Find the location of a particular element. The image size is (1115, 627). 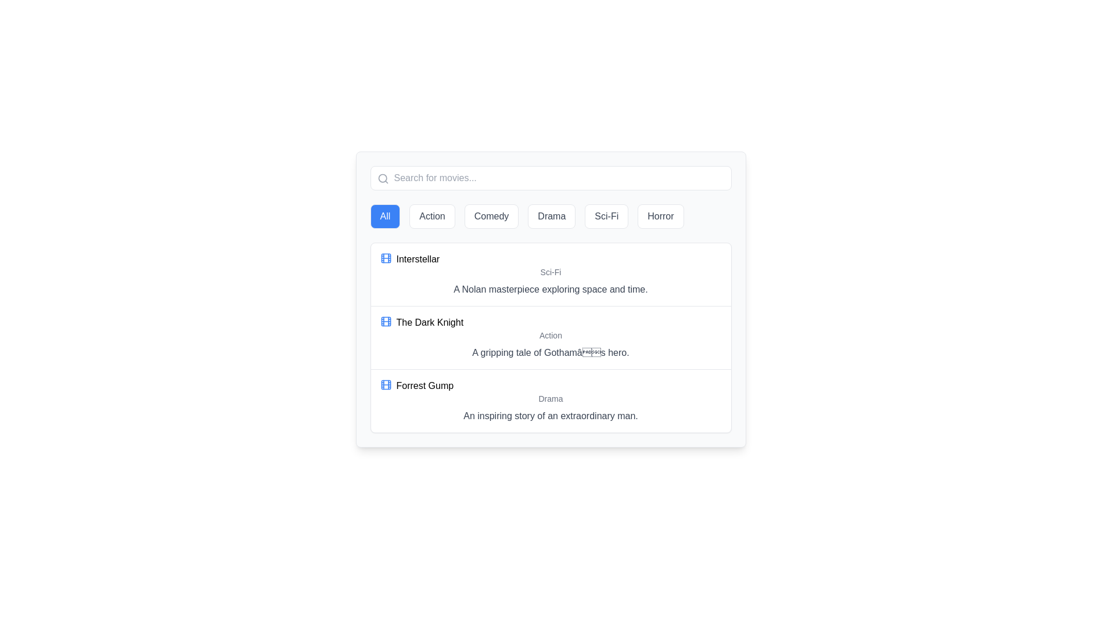

text content of the first List Item displaying the movie entry titled 'Interstellar', which includes the title, genre label 'Sci-Fi', and the description 'A Nolan masterpiece exploring space and time.' is located at coordinates (550, 275).